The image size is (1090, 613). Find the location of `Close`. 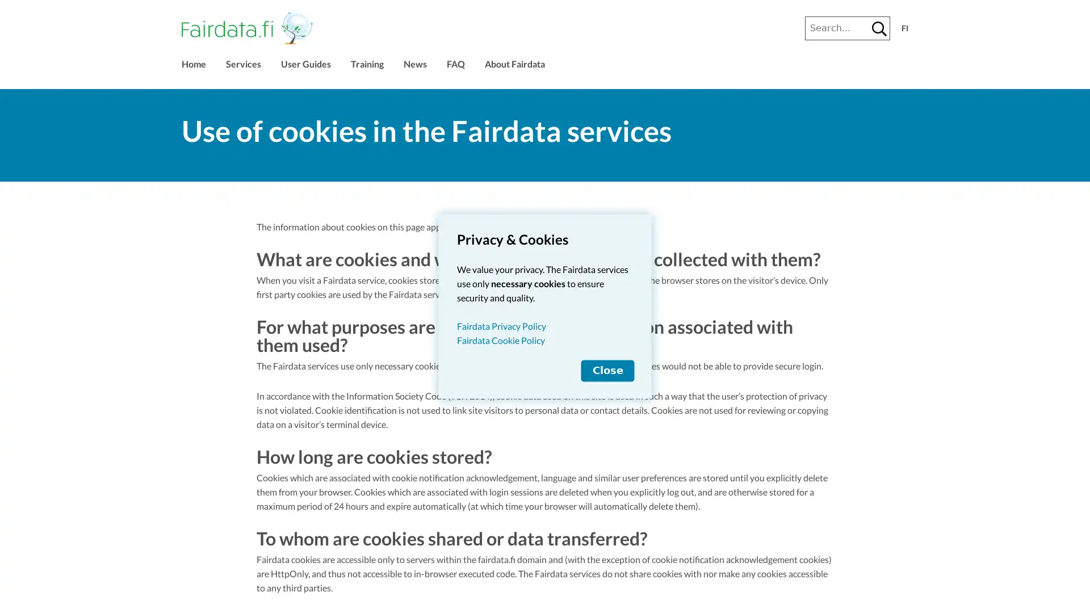

Close is located at coordinates (607, 370).